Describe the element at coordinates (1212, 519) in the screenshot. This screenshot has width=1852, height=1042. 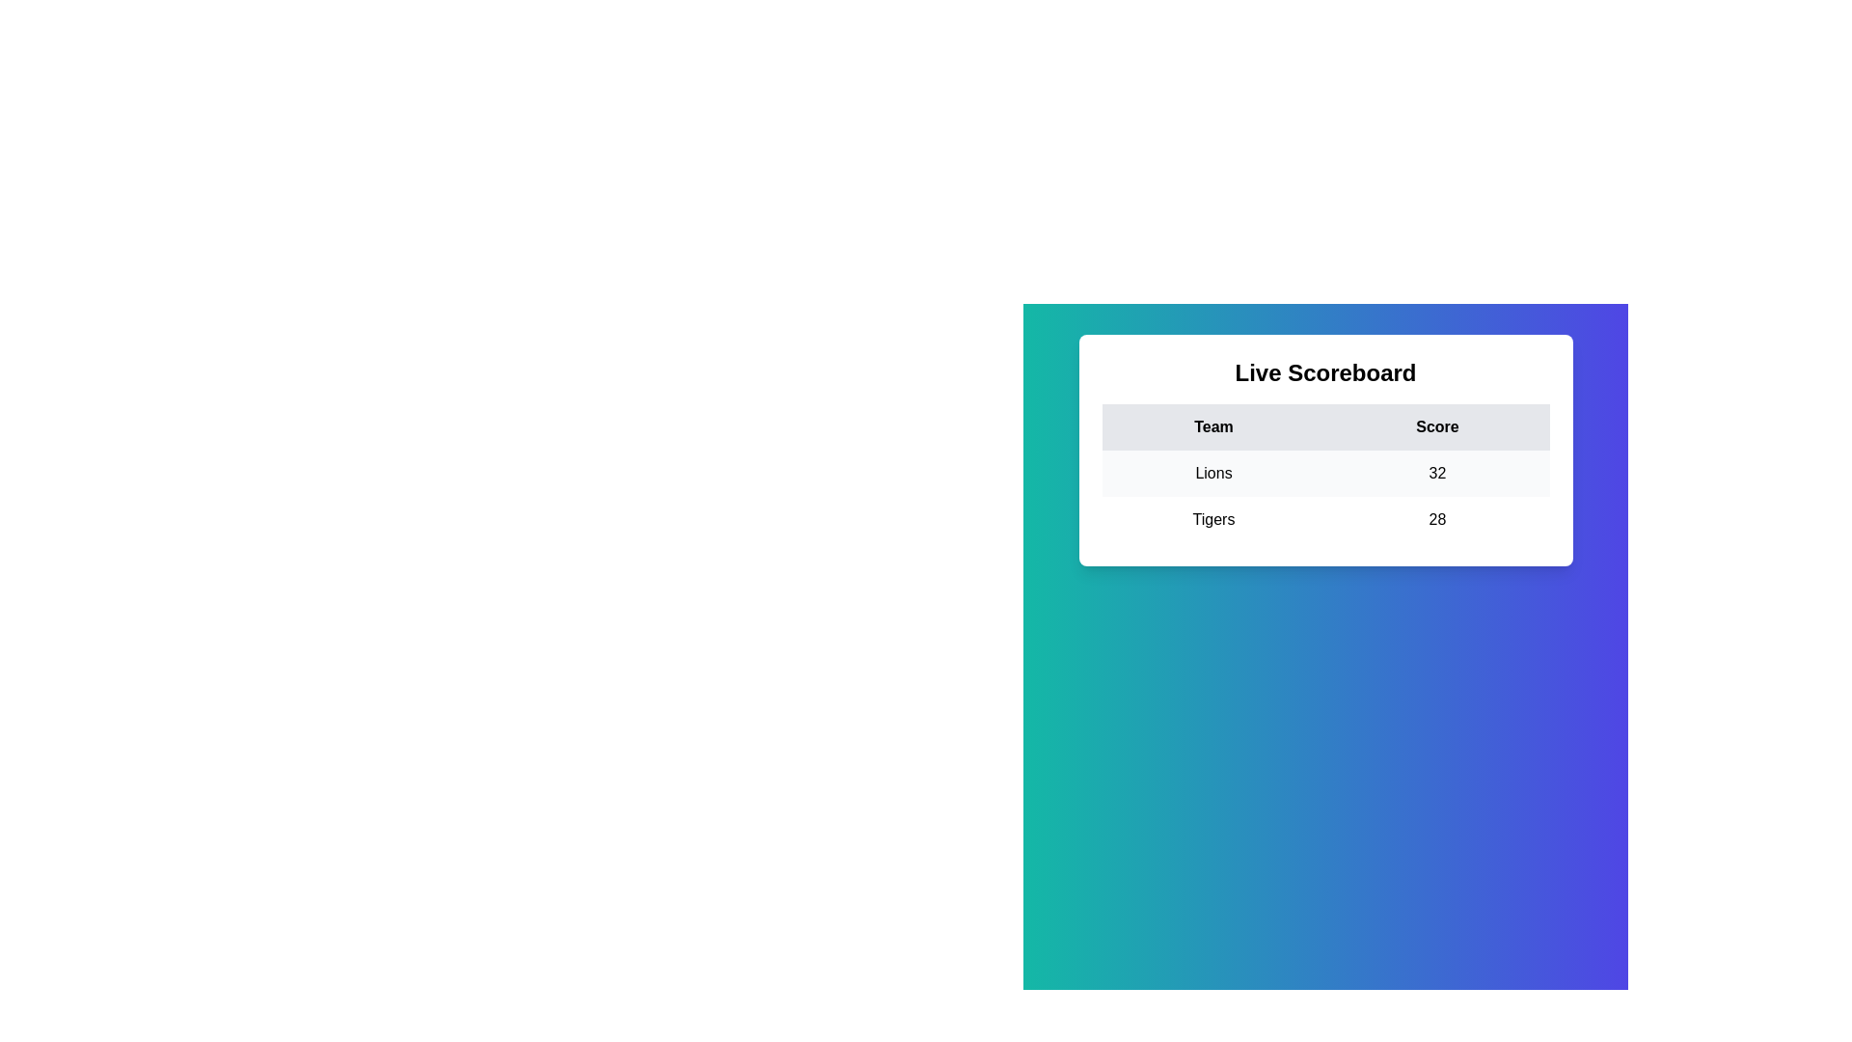
I see `the text label that identifies the team 'Tigers28' in the scoreboard under the 'Team' column` at that location.